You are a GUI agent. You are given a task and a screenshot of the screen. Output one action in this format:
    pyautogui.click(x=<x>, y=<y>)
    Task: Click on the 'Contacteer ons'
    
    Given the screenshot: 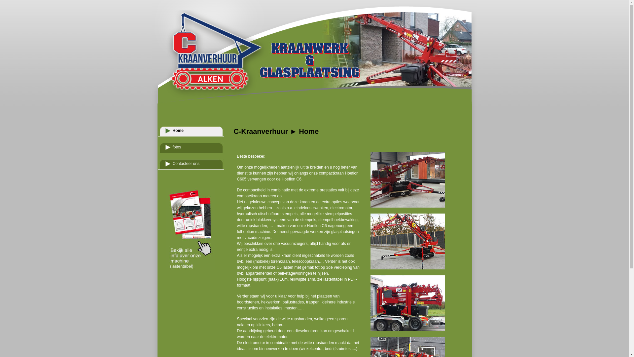 What is the action you would take?
    pyautogui.click(x=190, y=164)
    